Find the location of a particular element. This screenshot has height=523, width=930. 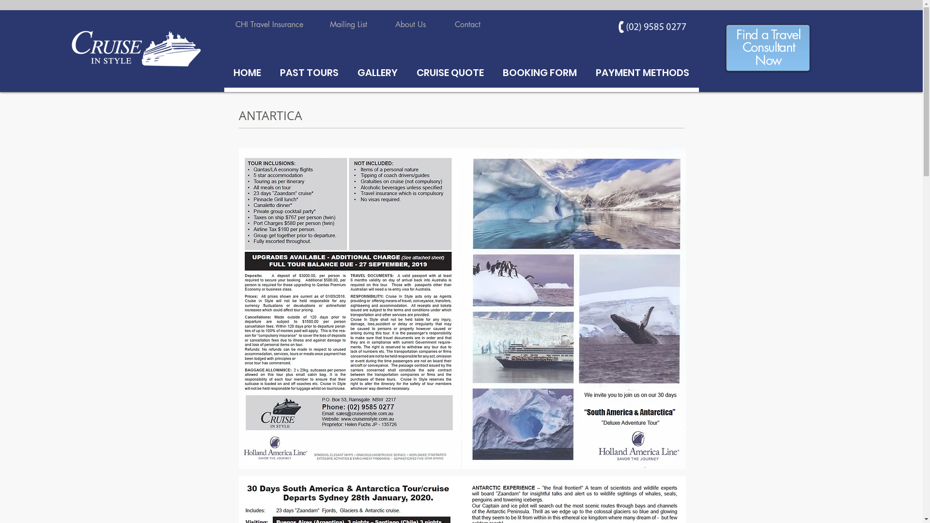

'HOME' is located at coordinates (247, 72).